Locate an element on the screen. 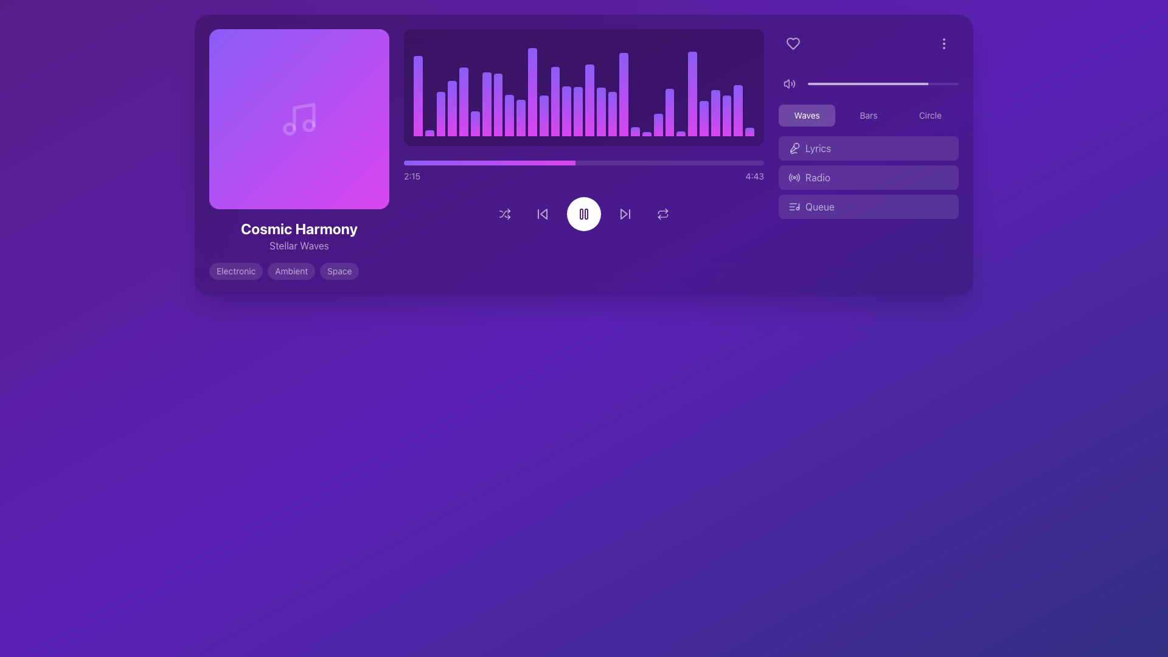 This screenshot has width=1168, height=657. the shuffle playback button located in the control bar of the music player interface, positioned just to the left of the skip backward icon is located at coordinates (505, 213).